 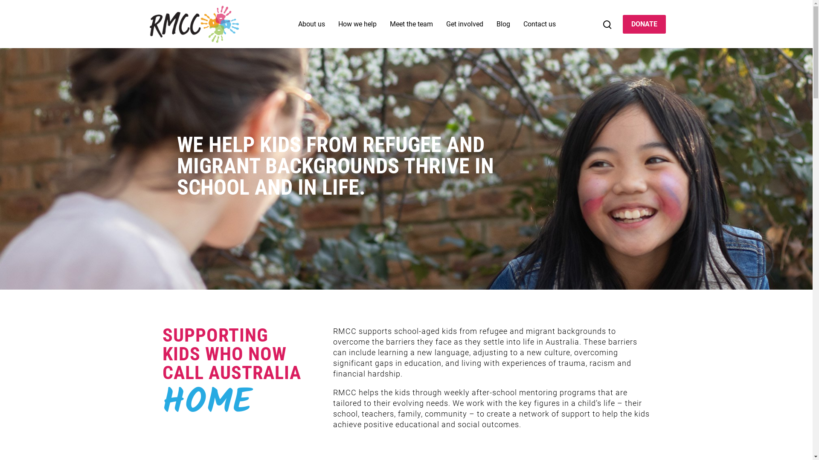 What do you see at coordinates (357, 28) in the screenshot?
I see `'How we help'` at bounding box center [357, 28].